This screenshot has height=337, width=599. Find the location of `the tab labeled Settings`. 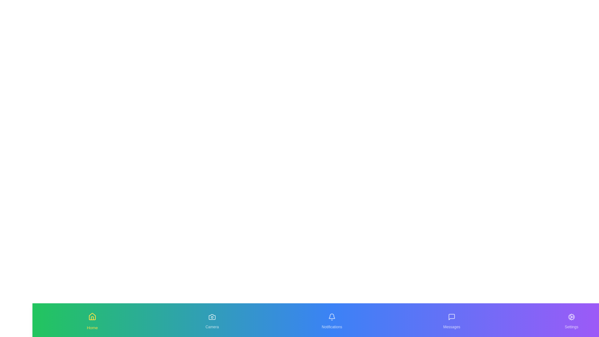

the tab labeled Settings is located at coordinates (572, 320).